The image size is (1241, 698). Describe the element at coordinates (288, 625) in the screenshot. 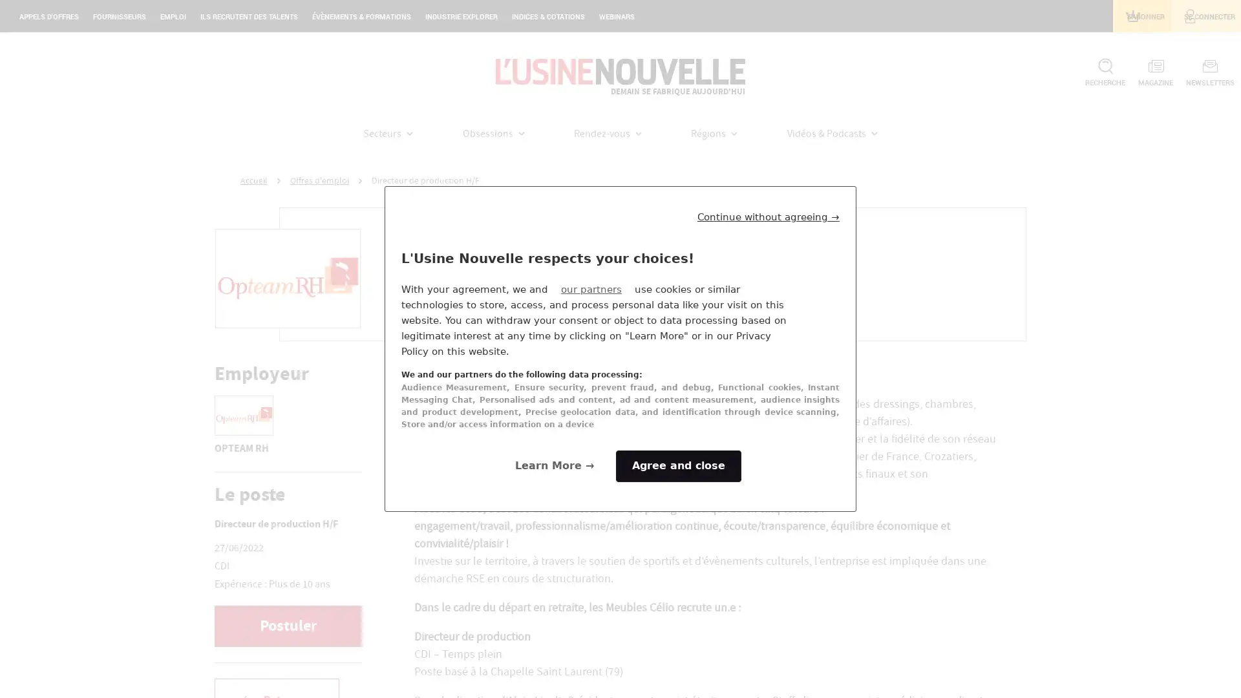

I see `Postuler` at that location.